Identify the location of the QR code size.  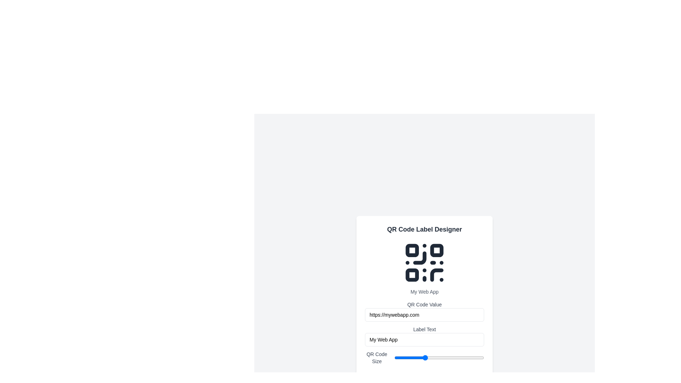
(428, 358).